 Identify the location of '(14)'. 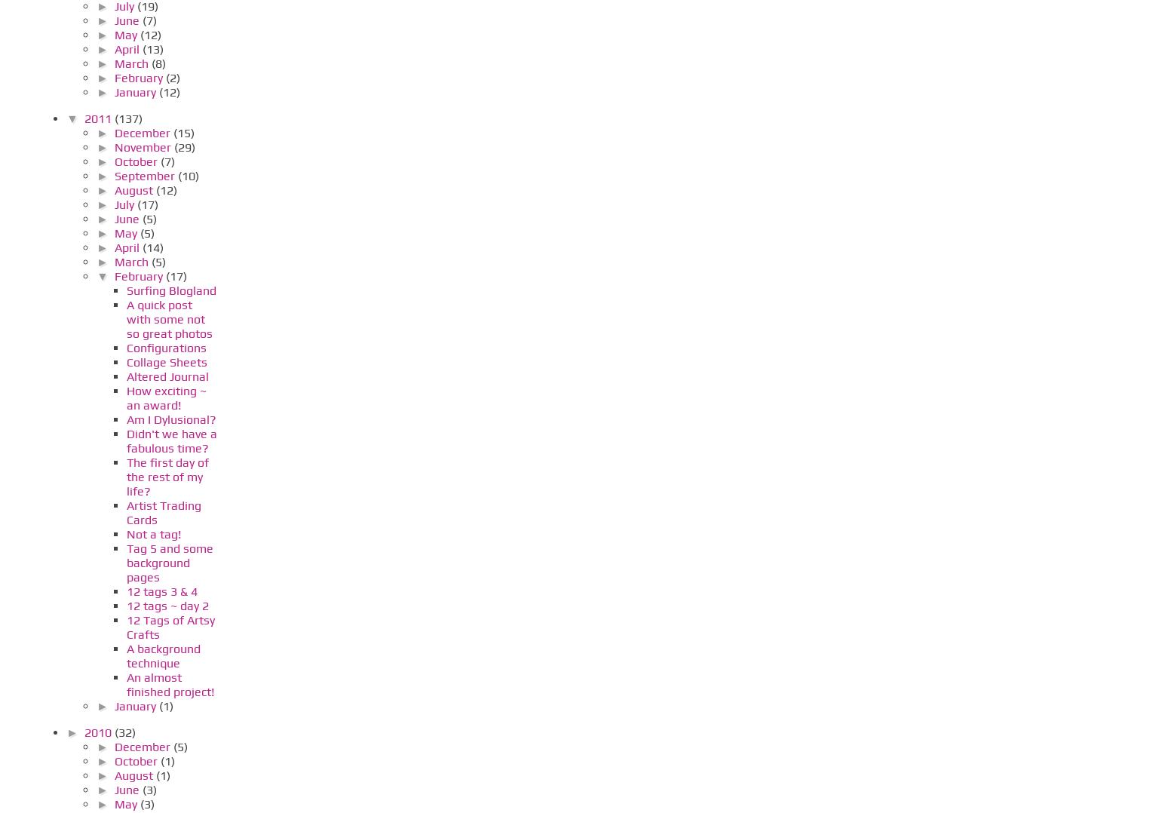
(152, 246).